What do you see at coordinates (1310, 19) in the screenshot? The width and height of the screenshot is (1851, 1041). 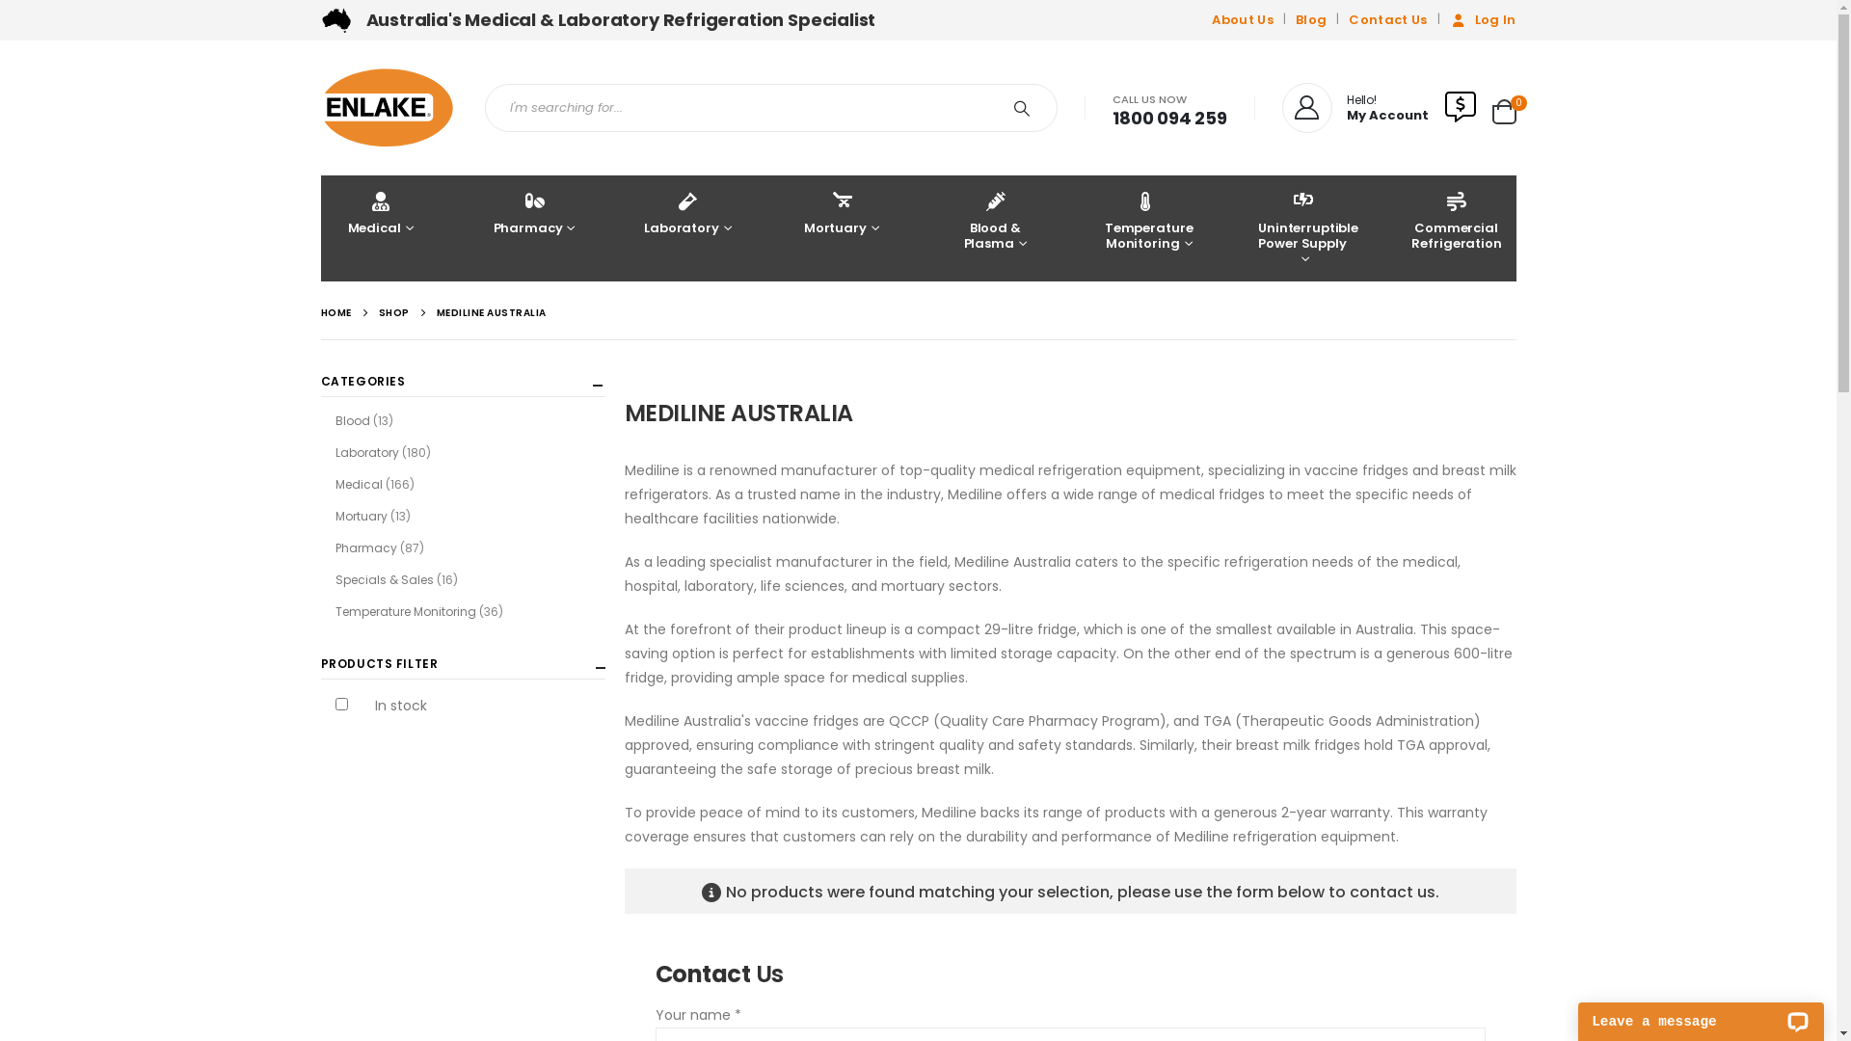 I see `'Blog'` at bounding box center [1310, 19].